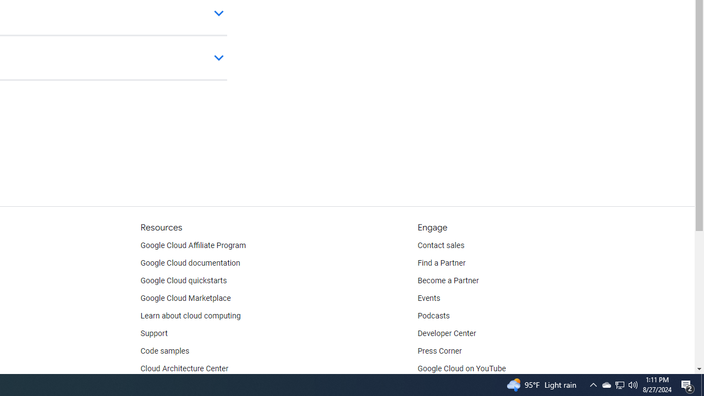 The height and width of the screenshot is (396, 704). What do you see at coordinates (439, 351) in the screenshot?
I see `'Press Corner'` at bounding box center [439, 351].